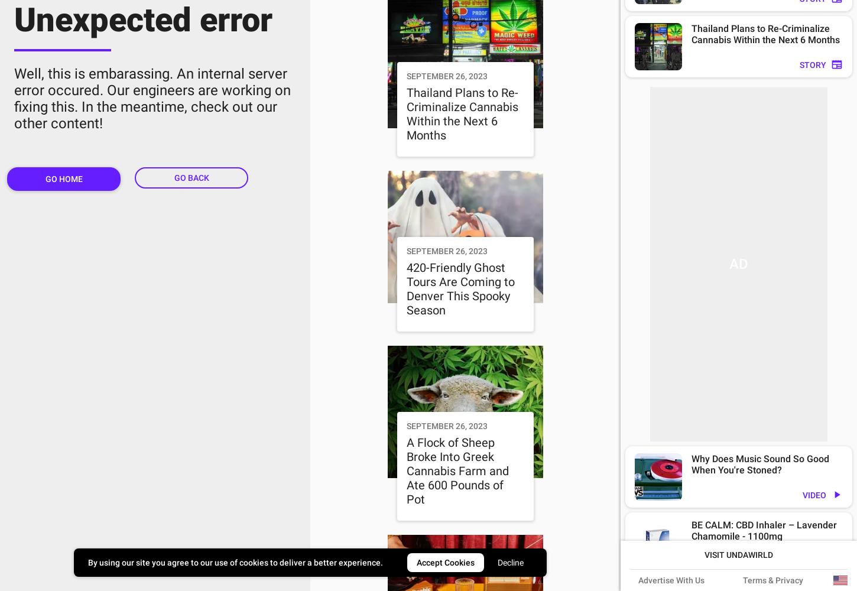 The width and height of the screenshot is (857, 591). I want to click on 'GO HOME', so click(63, 178).